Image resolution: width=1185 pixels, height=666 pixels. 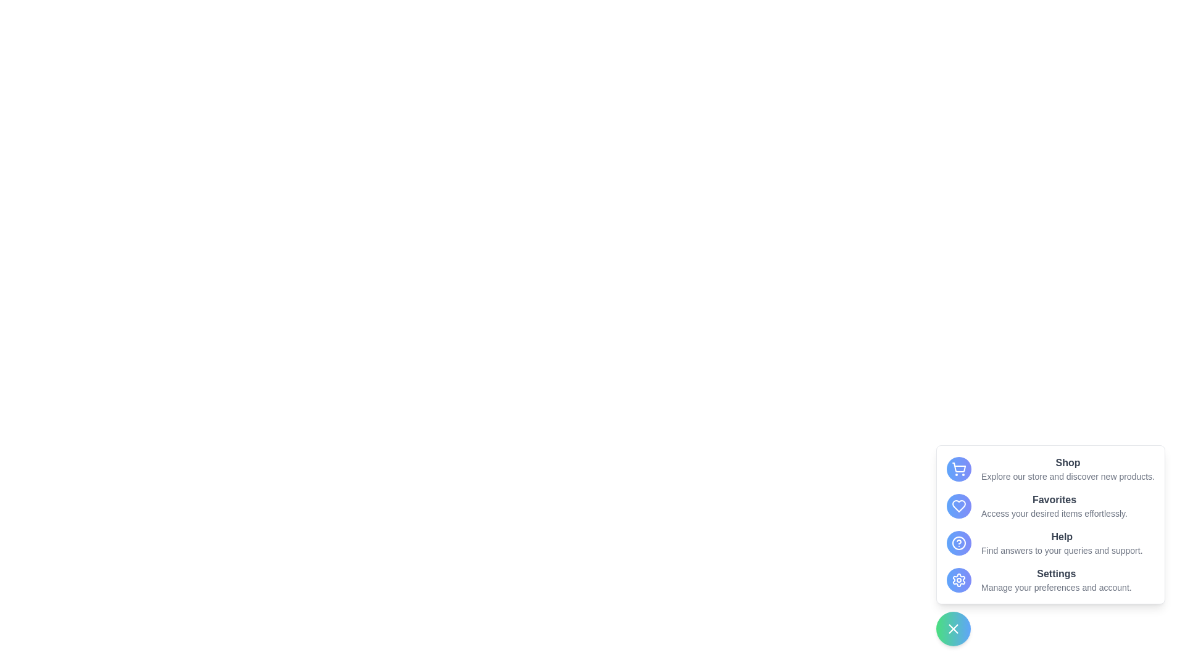 I want to click on the menu option Shop, so click(x=958, y=469).